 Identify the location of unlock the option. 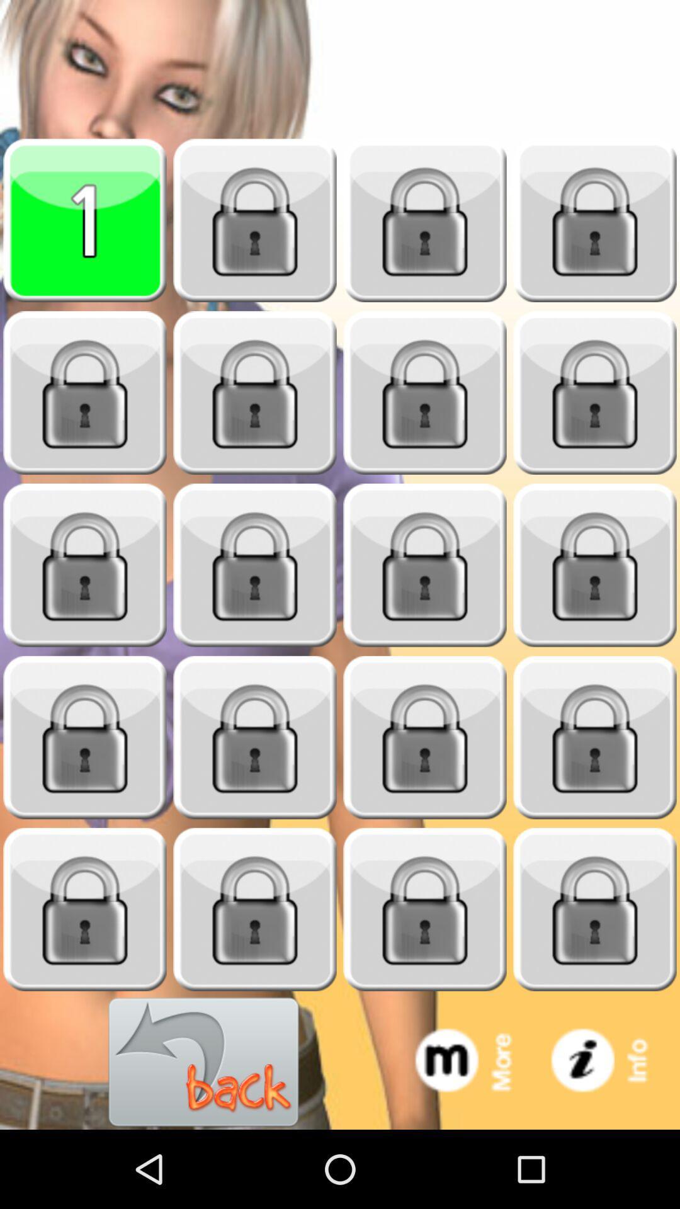
(425, 392).